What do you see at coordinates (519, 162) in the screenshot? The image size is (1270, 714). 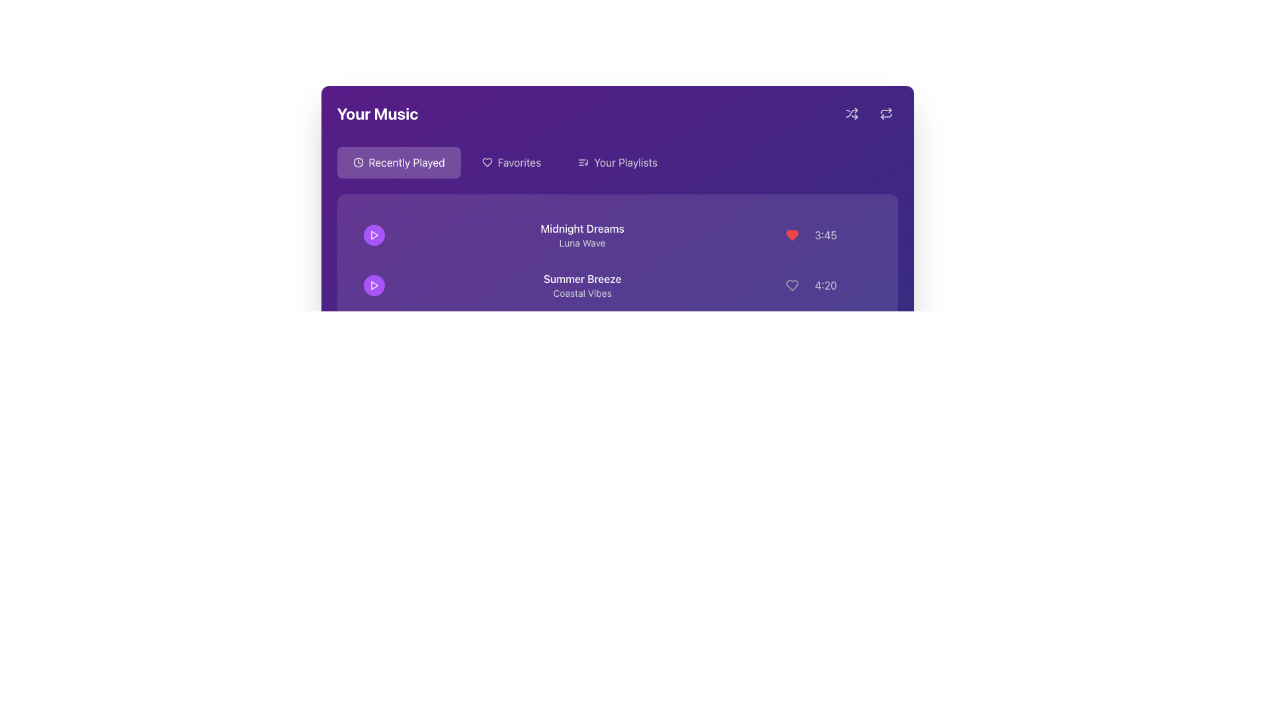 I see `the 'Favorites' text label located in the navigation section at the top of the interface, positioned between the 'Recently Played' button and the 'Your Playlists' button` at bounding box center [519, 162].